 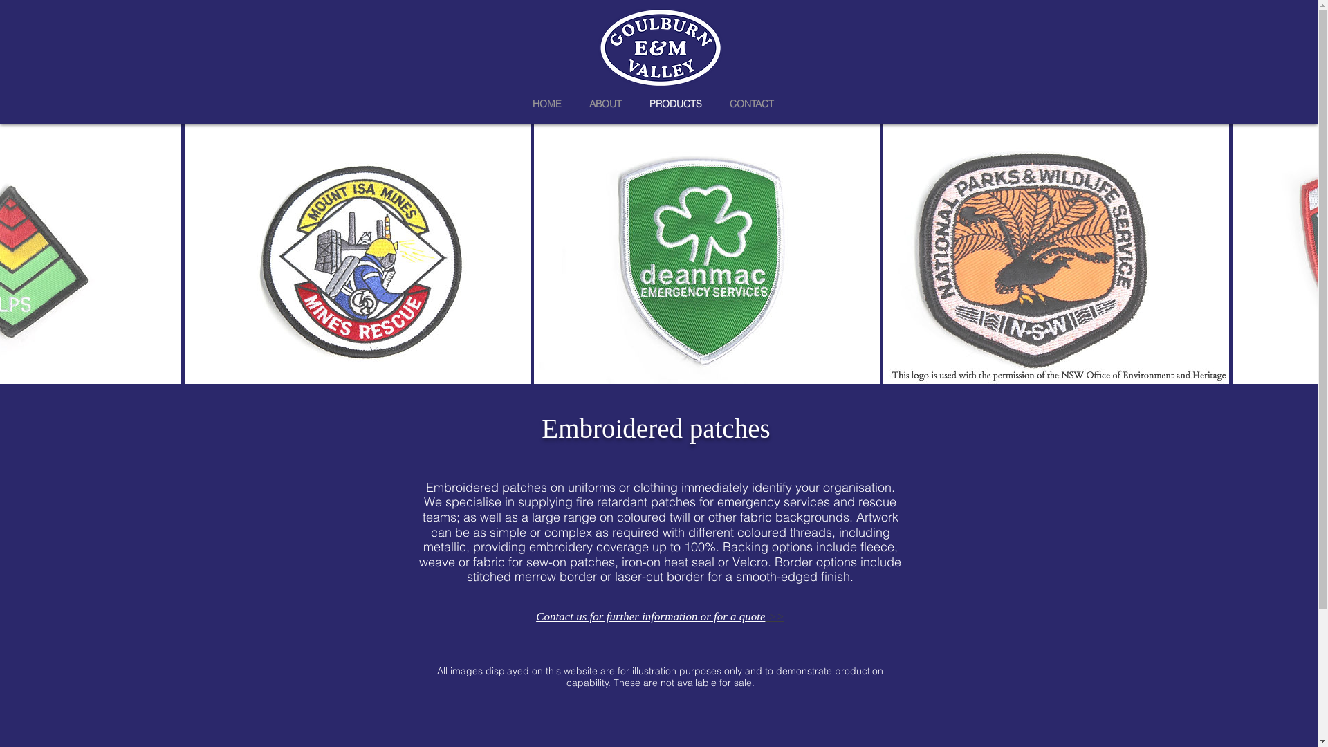 What do you see at coordinates (546, 102) in the screenshot?
I see `'HOME'` at bounding box center [546, 102].